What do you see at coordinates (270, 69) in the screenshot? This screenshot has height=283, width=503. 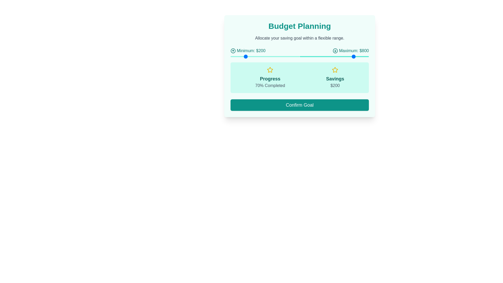 I see `the star icon with yellow outlines, which is located to the left of the 'Progress' label in the interface with teal and white background colors` at bounding box center [270, 69].